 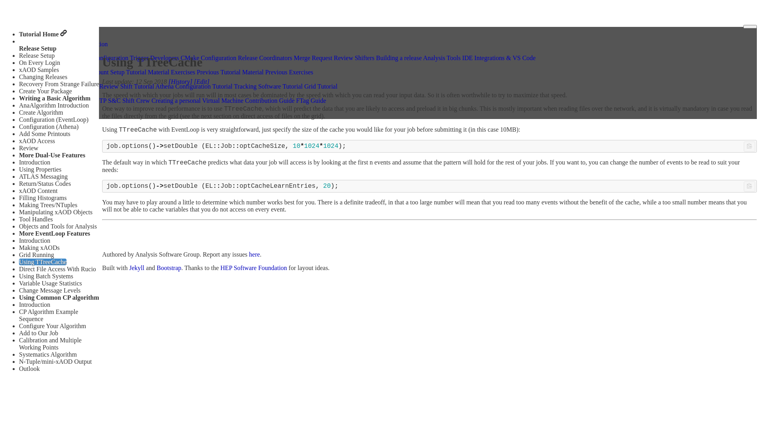 What do you see at coordinates (498, 57) in the screenshot?
I see `'IDE Integrations & VS Code'` at bounding box center [498, 57].